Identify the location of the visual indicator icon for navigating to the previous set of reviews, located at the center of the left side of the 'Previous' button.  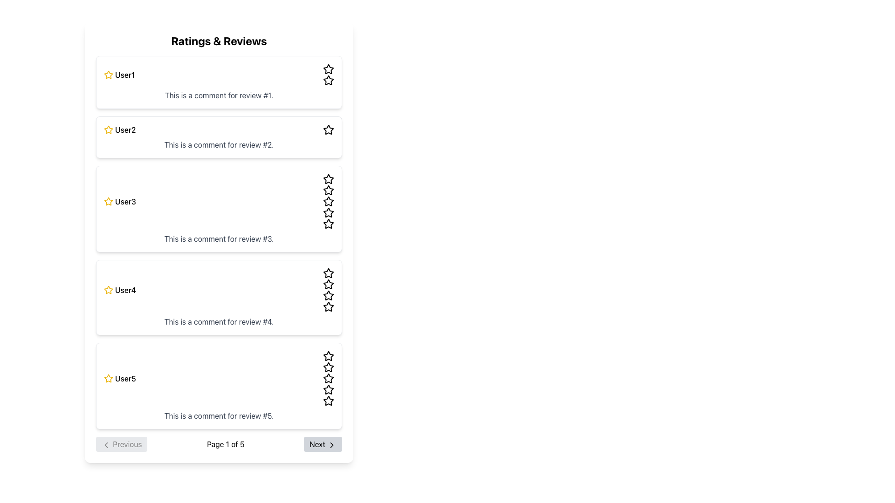
(106, 444).